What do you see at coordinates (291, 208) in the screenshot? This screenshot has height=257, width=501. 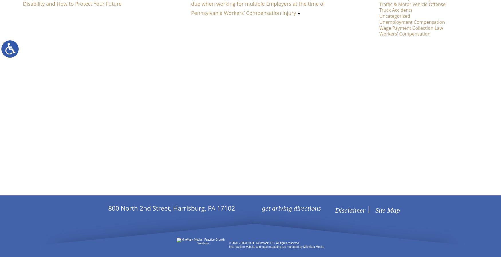 I see `'get driving directions'` at bounding box center [291, 208].